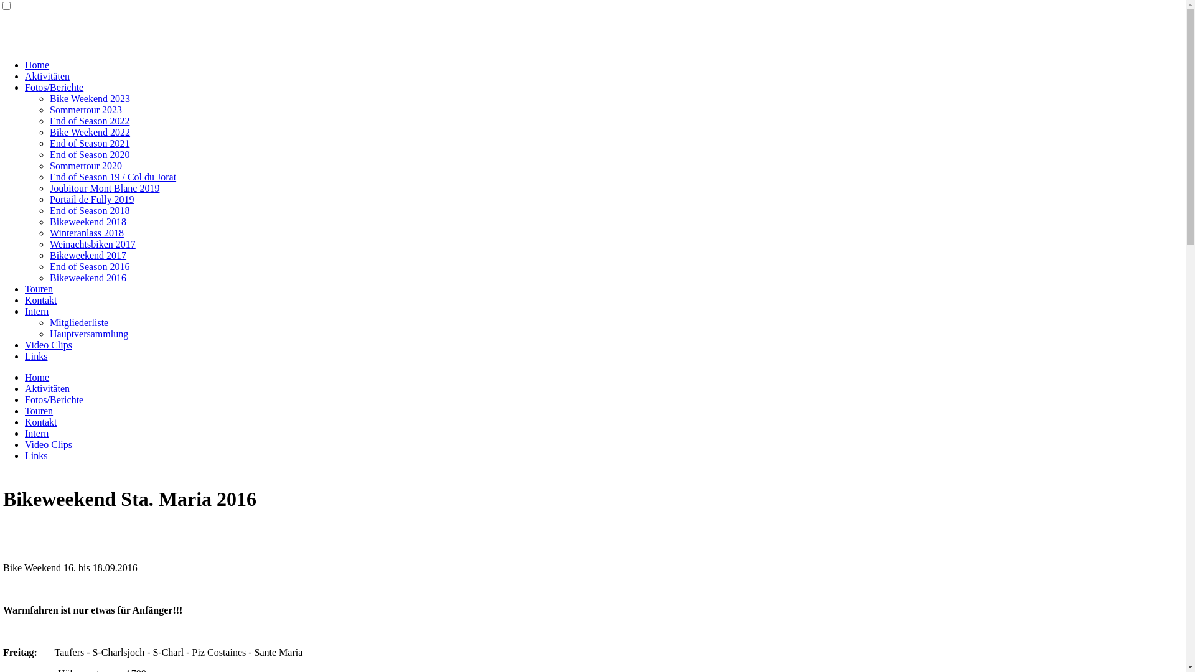 Image resolution: width=1195 pixels, height=672 pixels. What do you see at coordinates (50, 198) in the screenshot?
I see `'Portail de Fully 2019'` at bounding box center [50, 198].